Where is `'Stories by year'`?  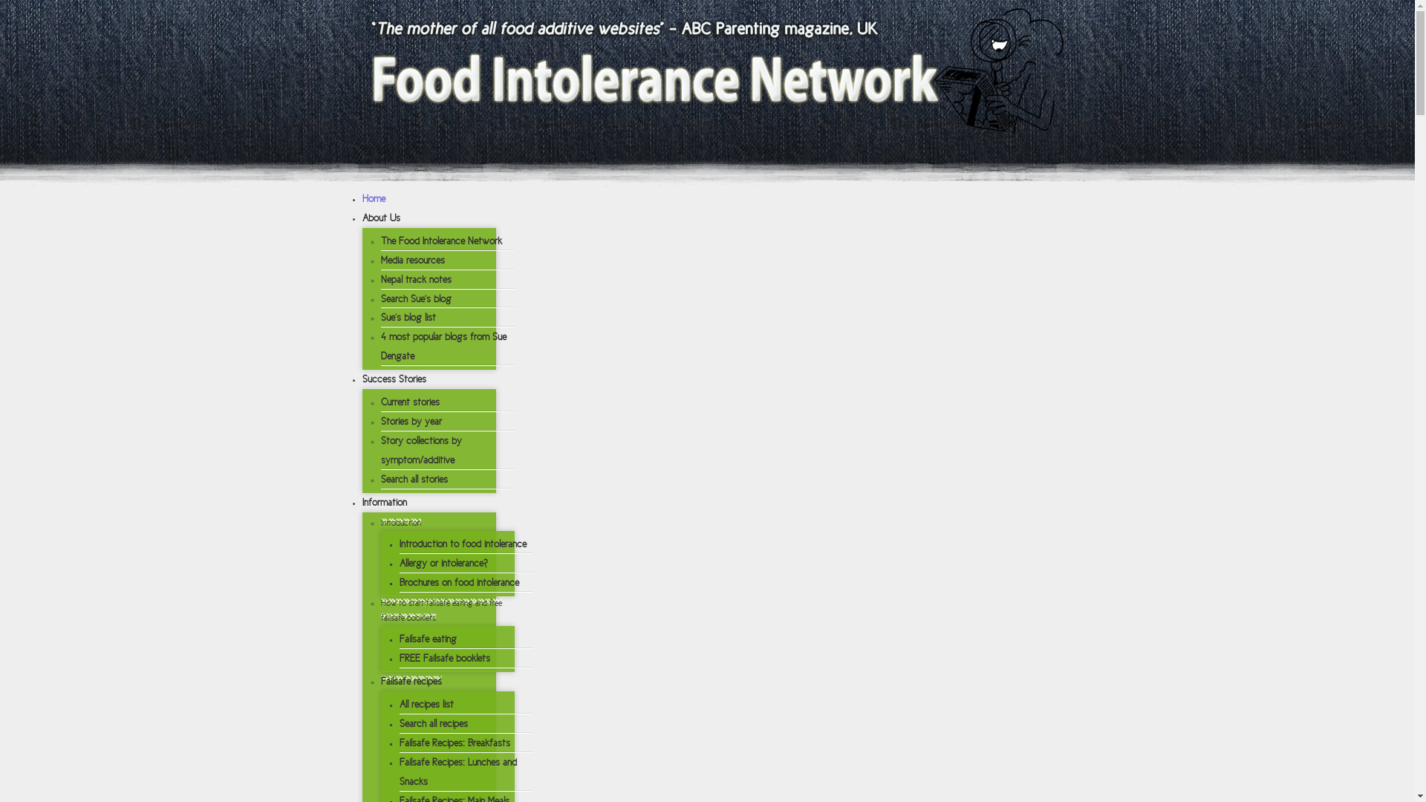
'Stories by year' is located at coordinates (410, 421).